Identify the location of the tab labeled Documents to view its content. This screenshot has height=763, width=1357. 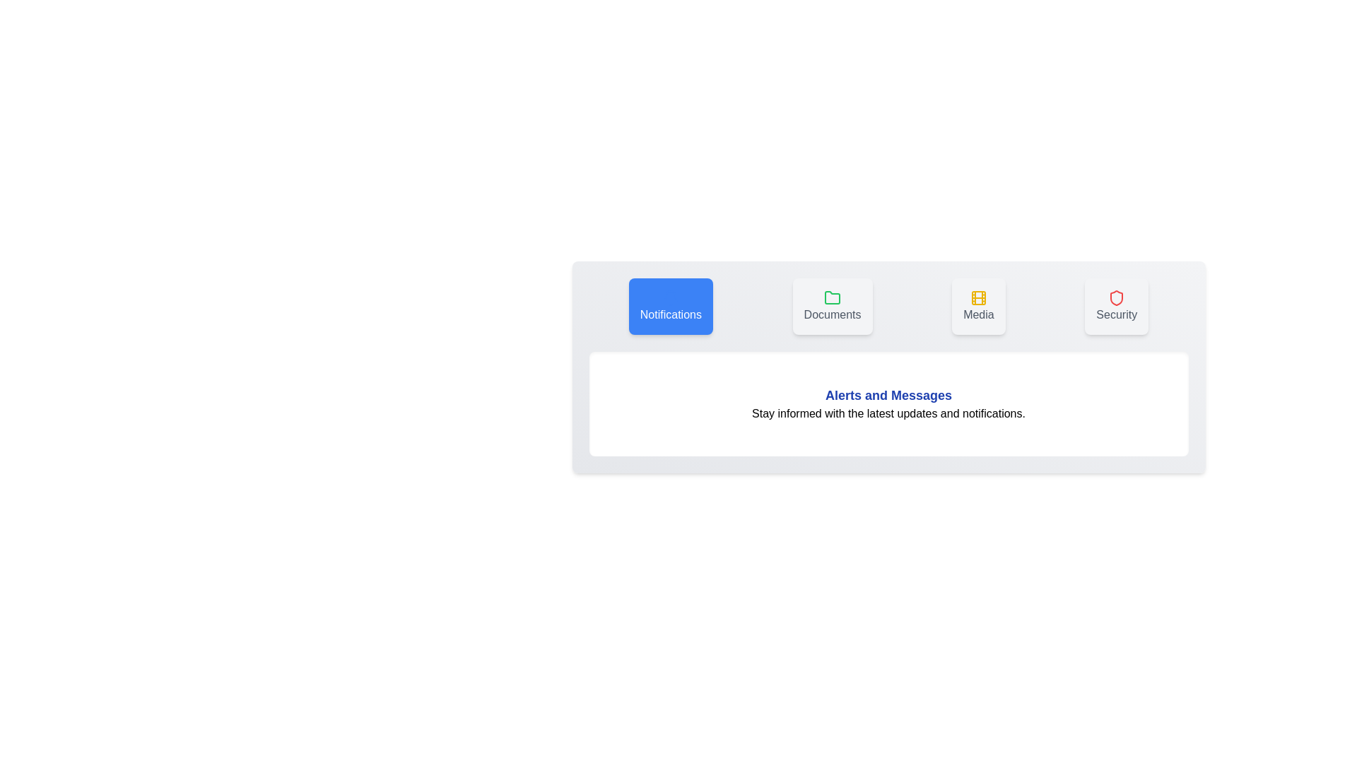
(833, 306).